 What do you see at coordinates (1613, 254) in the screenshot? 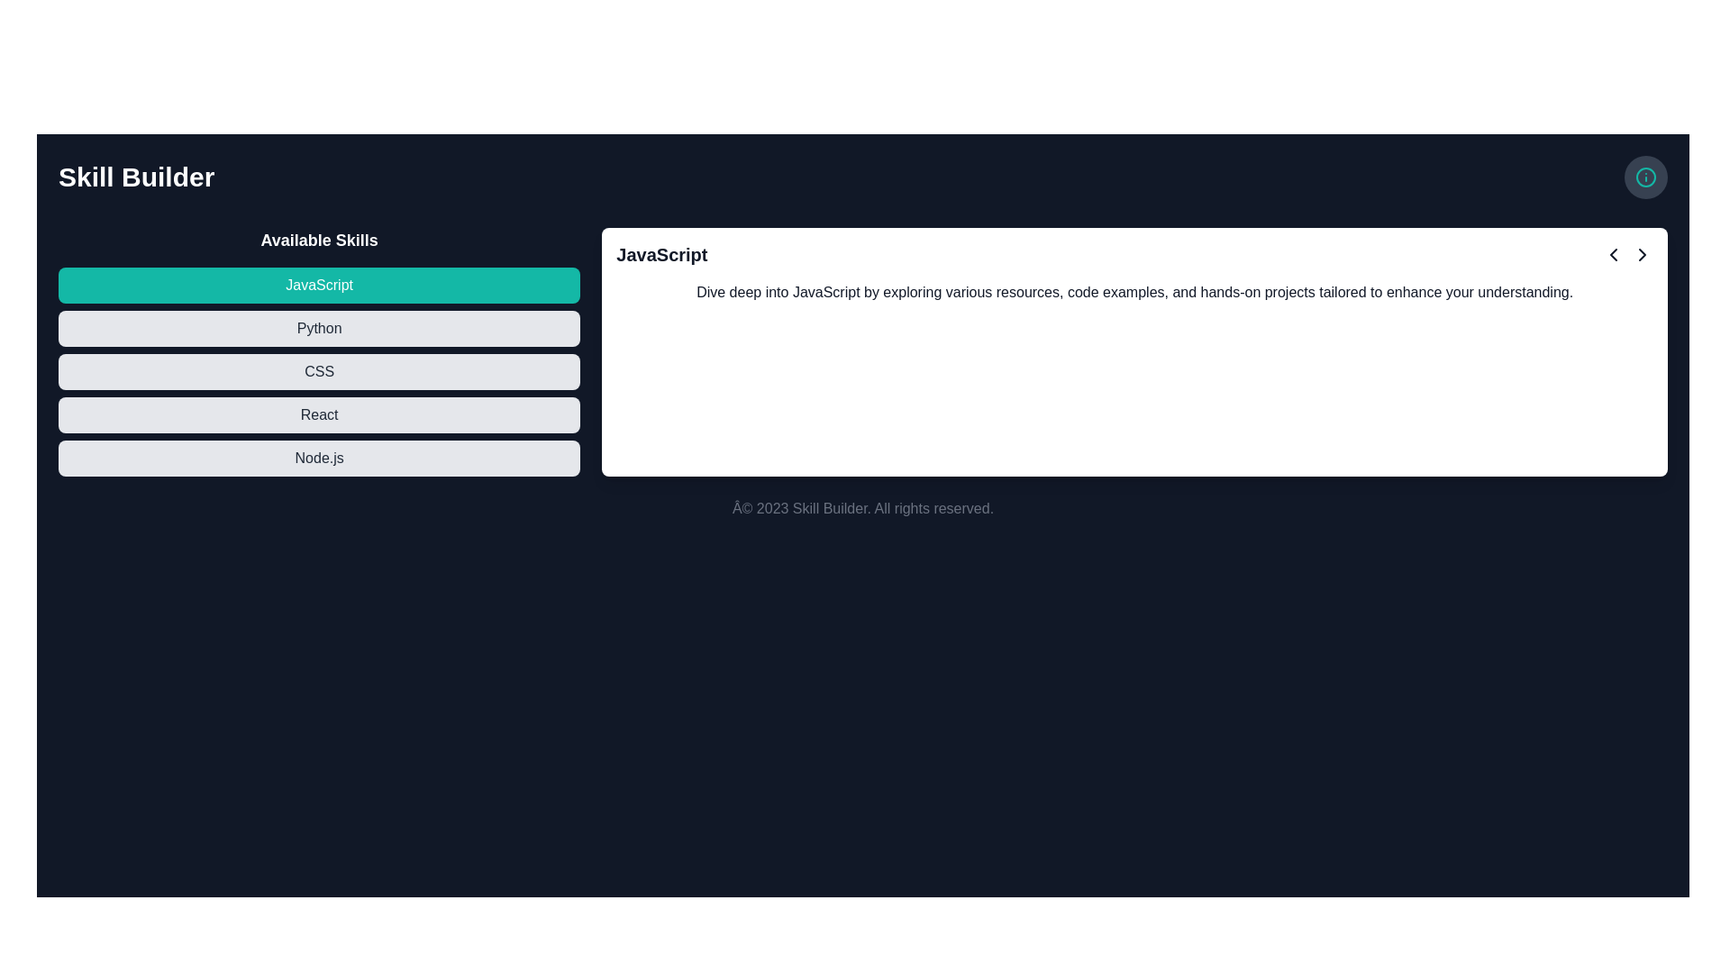
I see `the left-pointing chevron icon, which is styled with a dark line color and positioned in the top-right corner of the main content area` at bounding box center [1613, 254].